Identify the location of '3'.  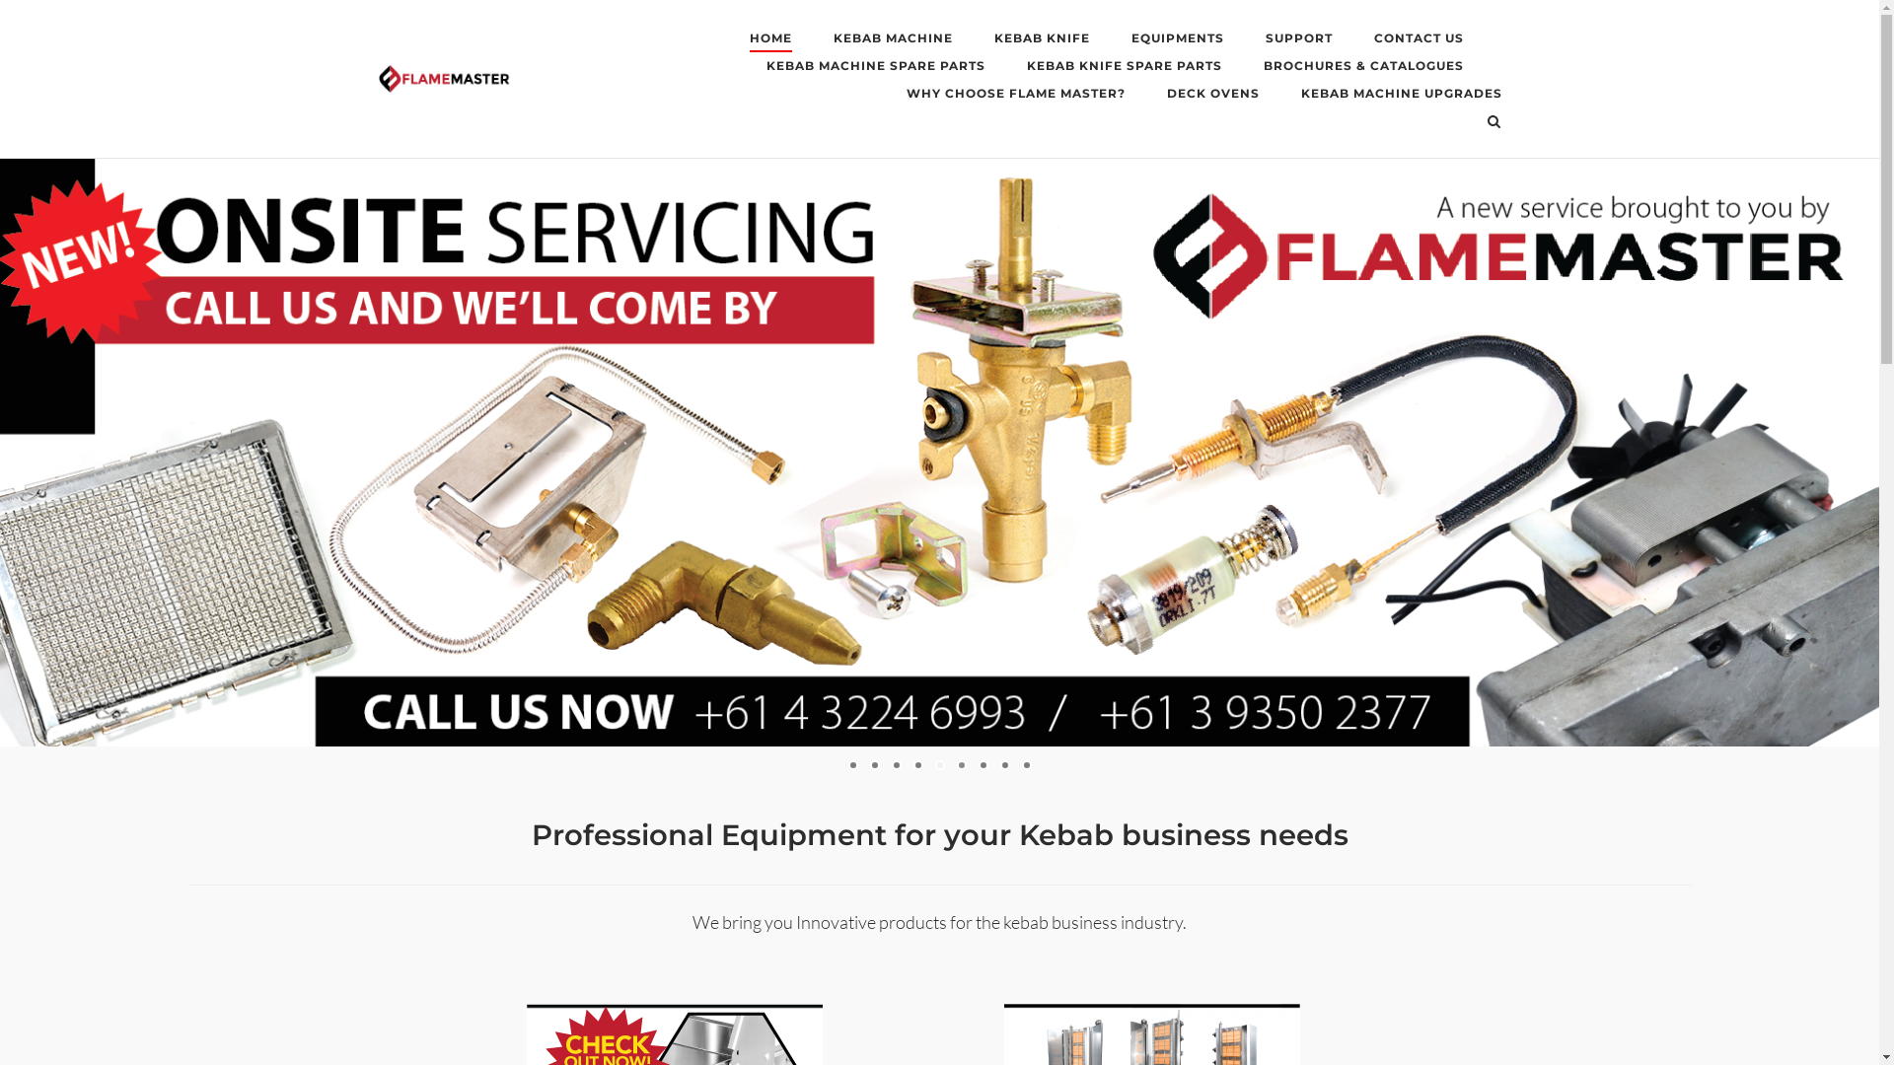
(895, 763).